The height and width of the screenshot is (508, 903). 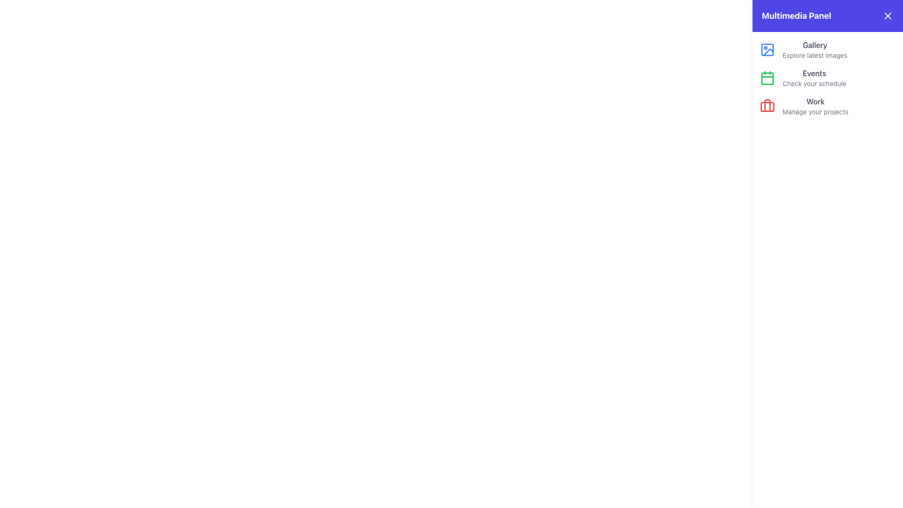 I want to click on the third list item in the Multimedia Panel that contains a red briefcase icon and the text 'Work', so click(x=828, y=106).